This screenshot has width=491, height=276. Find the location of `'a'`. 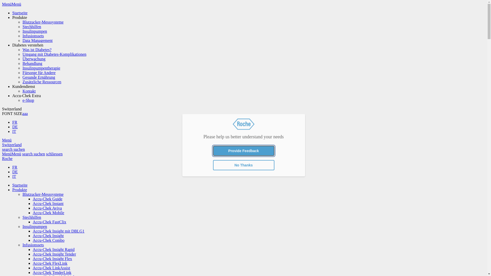

'a' is located at coordinates (26, 113).